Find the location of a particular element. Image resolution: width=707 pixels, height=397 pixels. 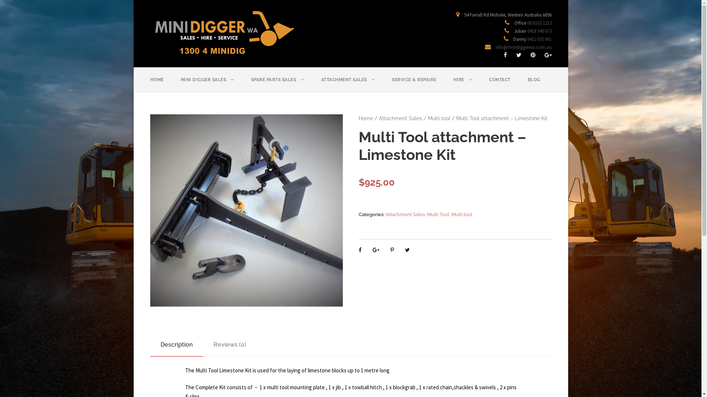

'Attachment Sales' is located at coordinates (400, 118).